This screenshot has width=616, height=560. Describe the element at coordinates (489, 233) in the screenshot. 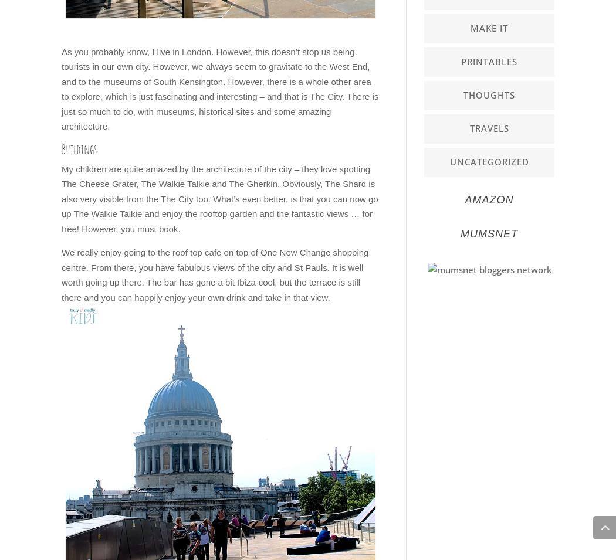

I see `'MumsNet'` at that location.